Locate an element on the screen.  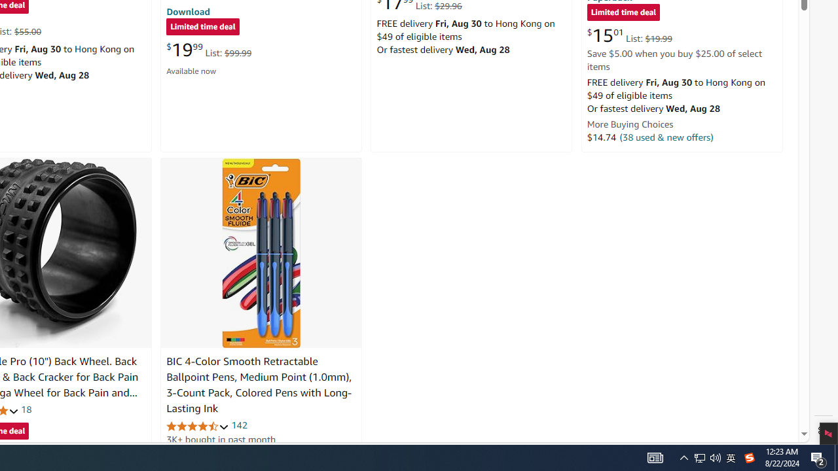
'$19.99 List: $99.99' is located at coordinates (208, 49).